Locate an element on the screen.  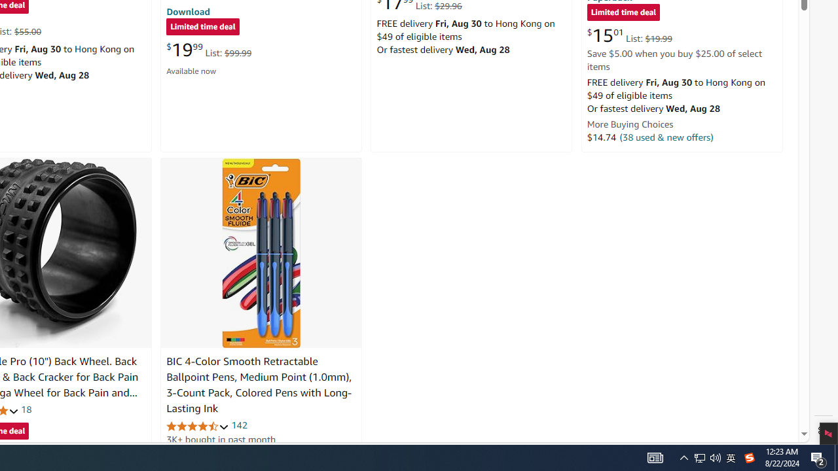
'$19.99 List: $99.99' is located at coordinates (208, 49).